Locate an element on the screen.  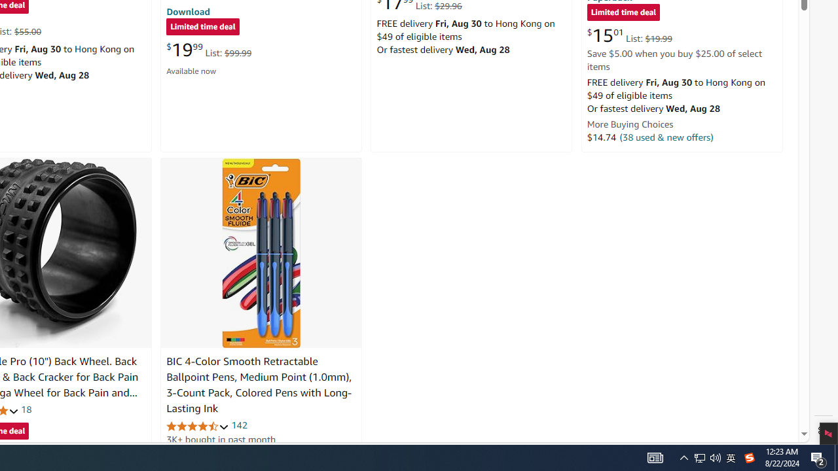
'$19.99 List: $99.99' is located at coordinates (208, 49).